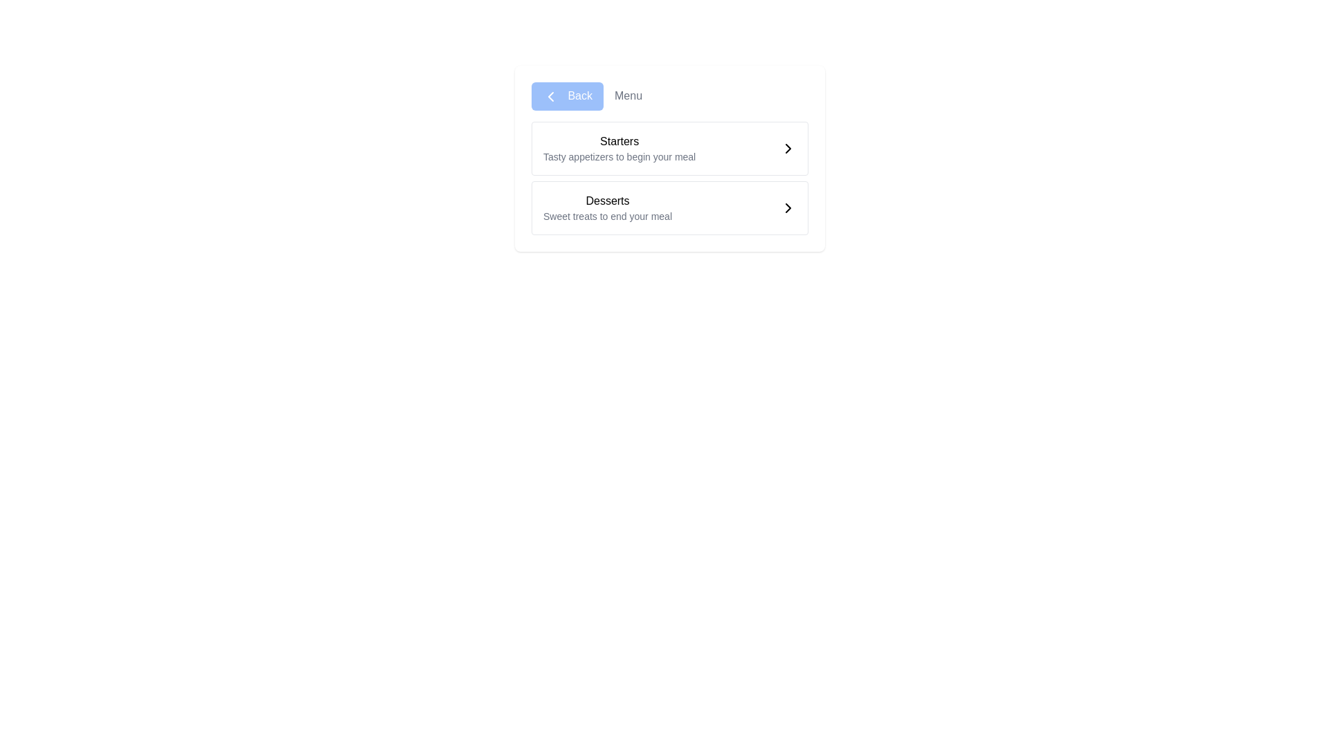 This screenshot has width=1329, height=747. Describe the element at coordinates (670, 147) in the screenshot. I see `the Text block that serves as a category header and description for the menu section, located near the upper section of the main content area` at that location.